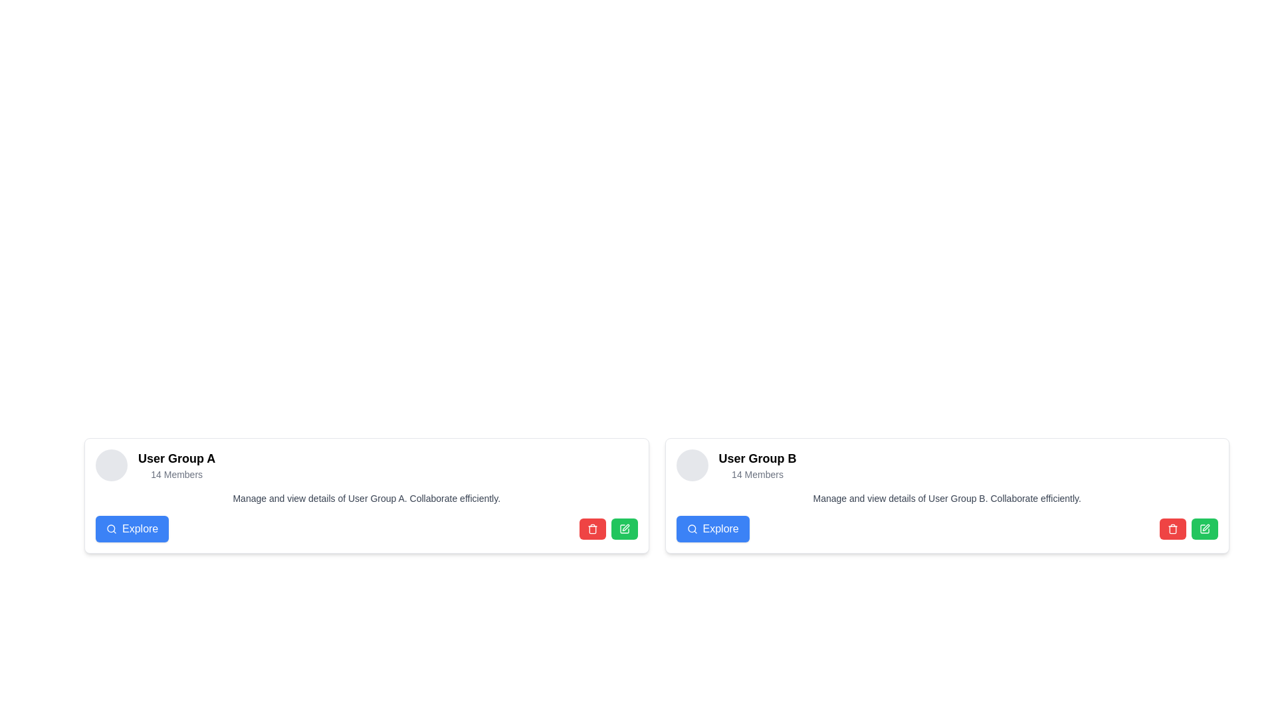  I want to click on the edit button located at the bottom-right corner of the card for 'User Group A', which is placed immediately to the right of the 'Explore' blue button, so click(607, 528).